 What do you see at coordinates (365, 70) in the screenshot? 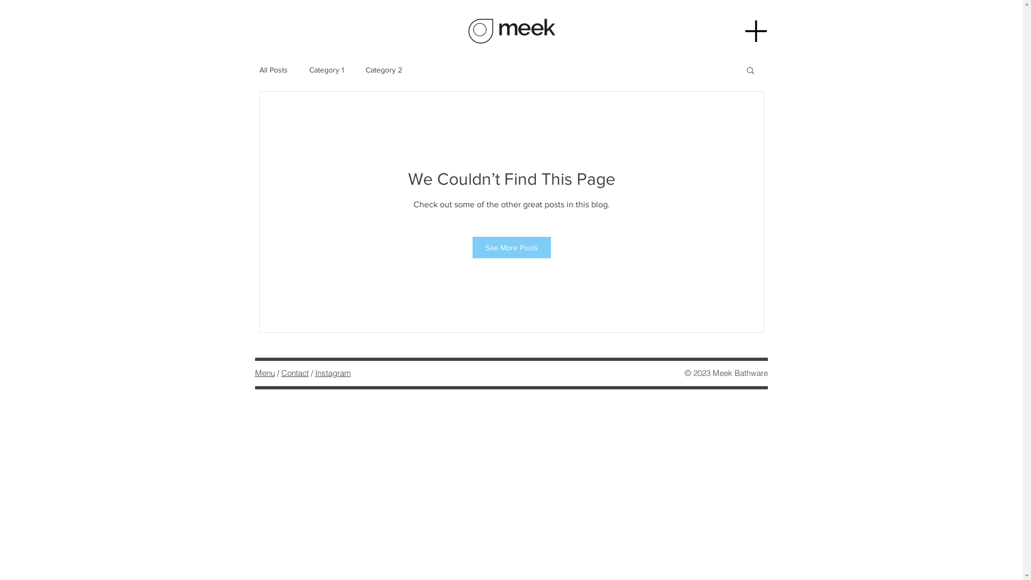
I see `'Category 2'` at bounding box center [365, 70].